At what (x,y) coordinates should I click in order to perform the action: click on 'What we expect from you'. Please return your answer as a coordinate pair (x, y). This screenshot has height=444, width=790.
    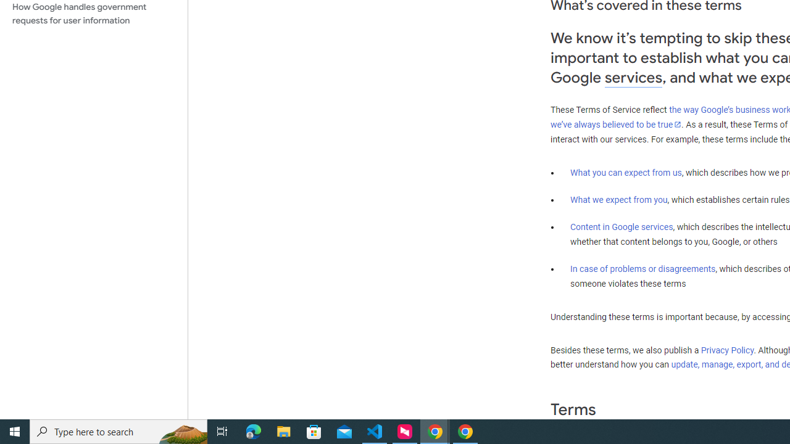
    Looking at the image, I should click on (618, 199).